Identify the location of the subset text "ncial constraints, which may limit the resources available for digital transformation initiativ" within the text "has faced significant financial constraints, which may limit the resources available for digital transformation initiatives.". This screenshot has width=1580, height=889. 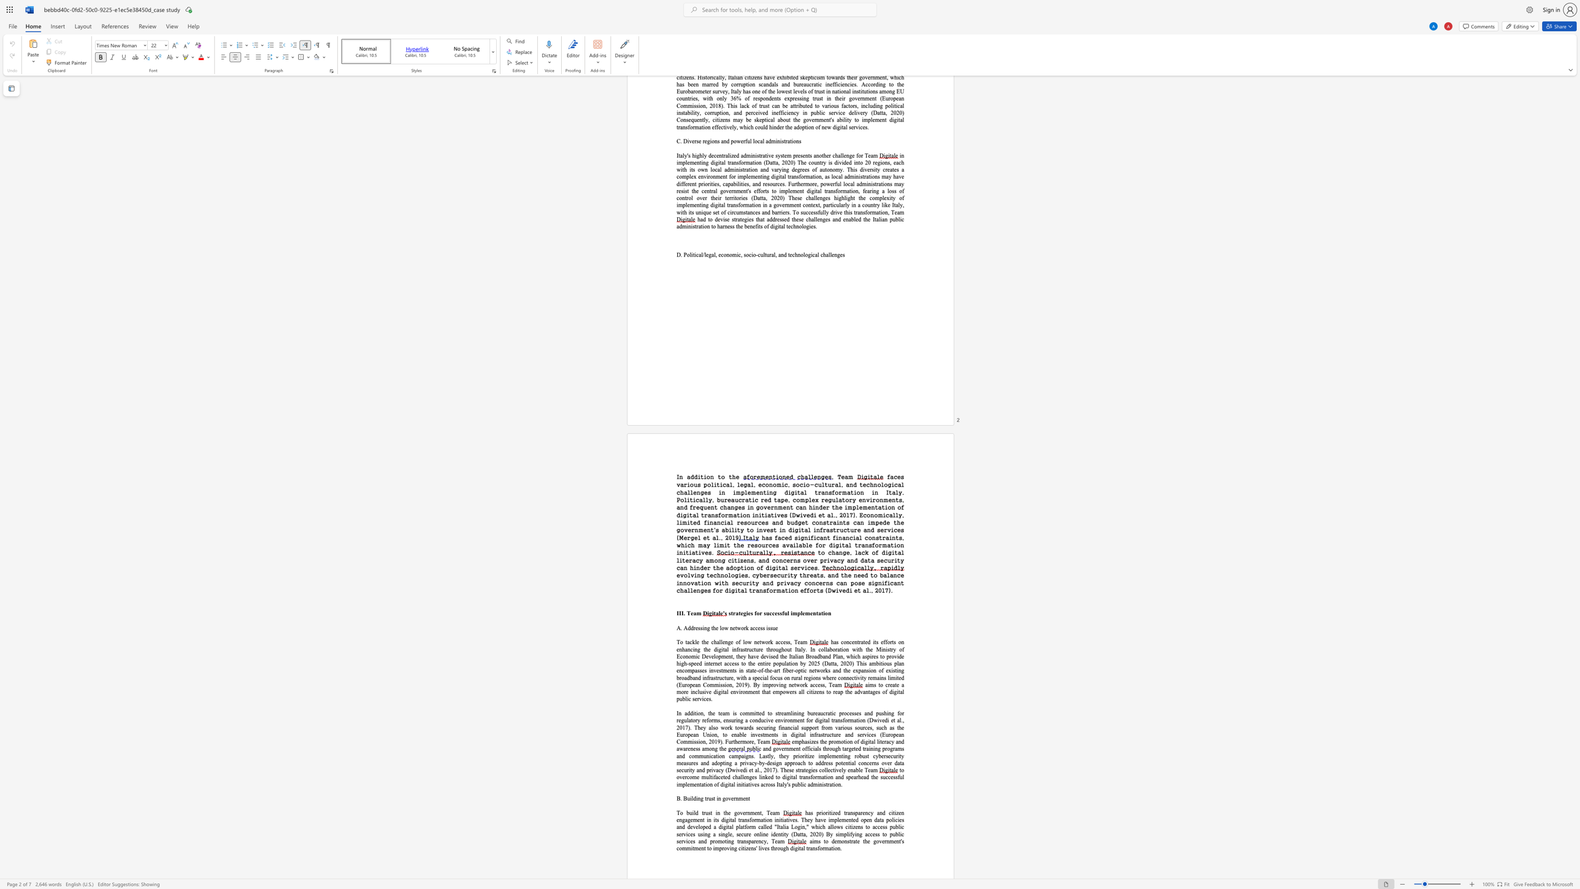
(845, 537).